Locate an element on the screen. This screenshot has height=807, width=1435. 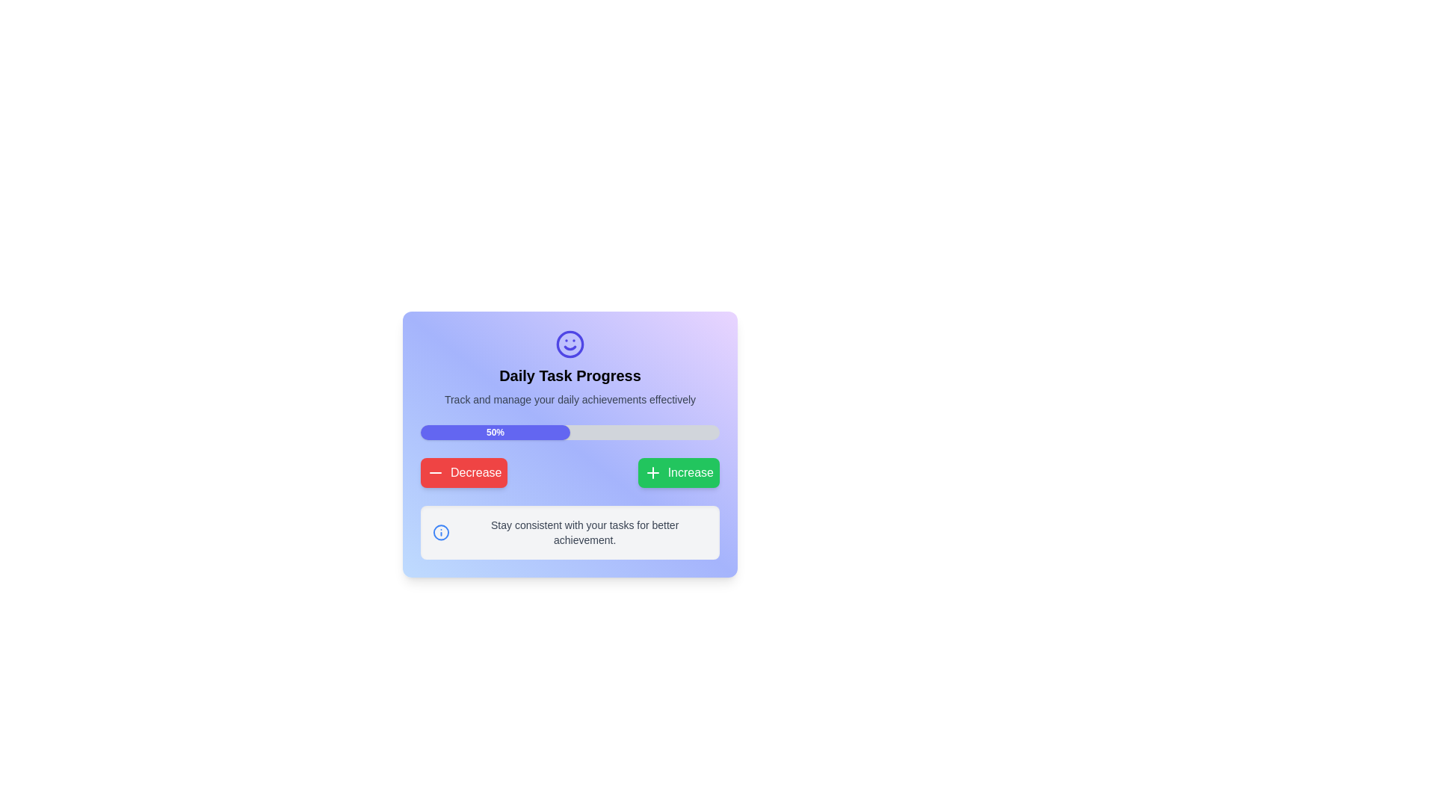
the information icon located to the left of the text 'Stay consistent with your tasks for better achievement.' is located at coordinates (440, 532).